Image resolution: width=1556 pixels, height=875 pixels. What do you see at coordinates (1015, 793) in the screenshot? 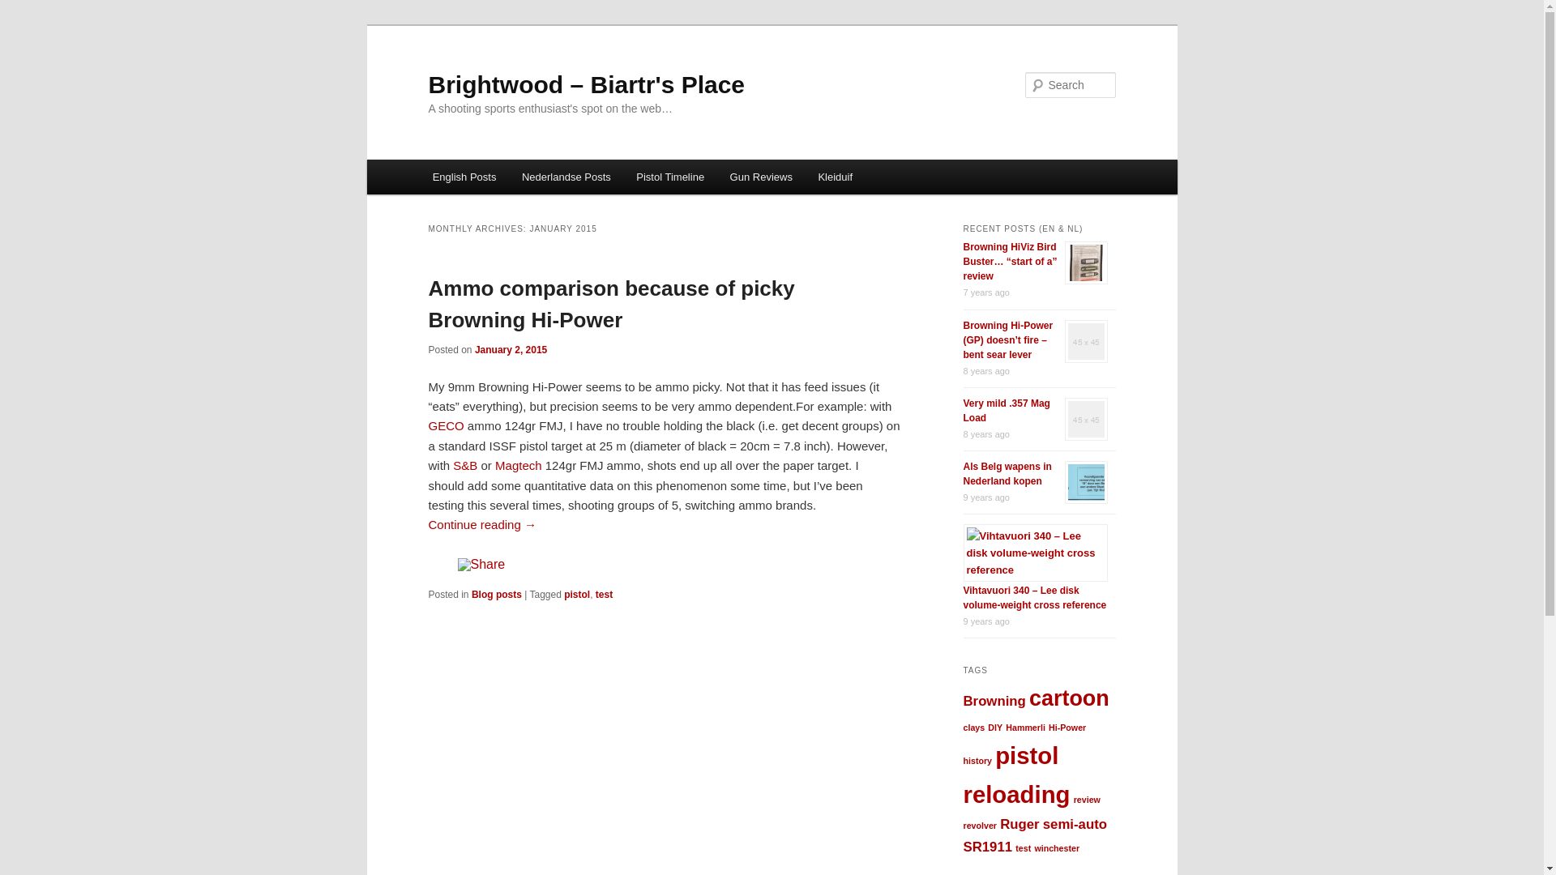
I see `'reloading'` at bounding box center [1015, 793].